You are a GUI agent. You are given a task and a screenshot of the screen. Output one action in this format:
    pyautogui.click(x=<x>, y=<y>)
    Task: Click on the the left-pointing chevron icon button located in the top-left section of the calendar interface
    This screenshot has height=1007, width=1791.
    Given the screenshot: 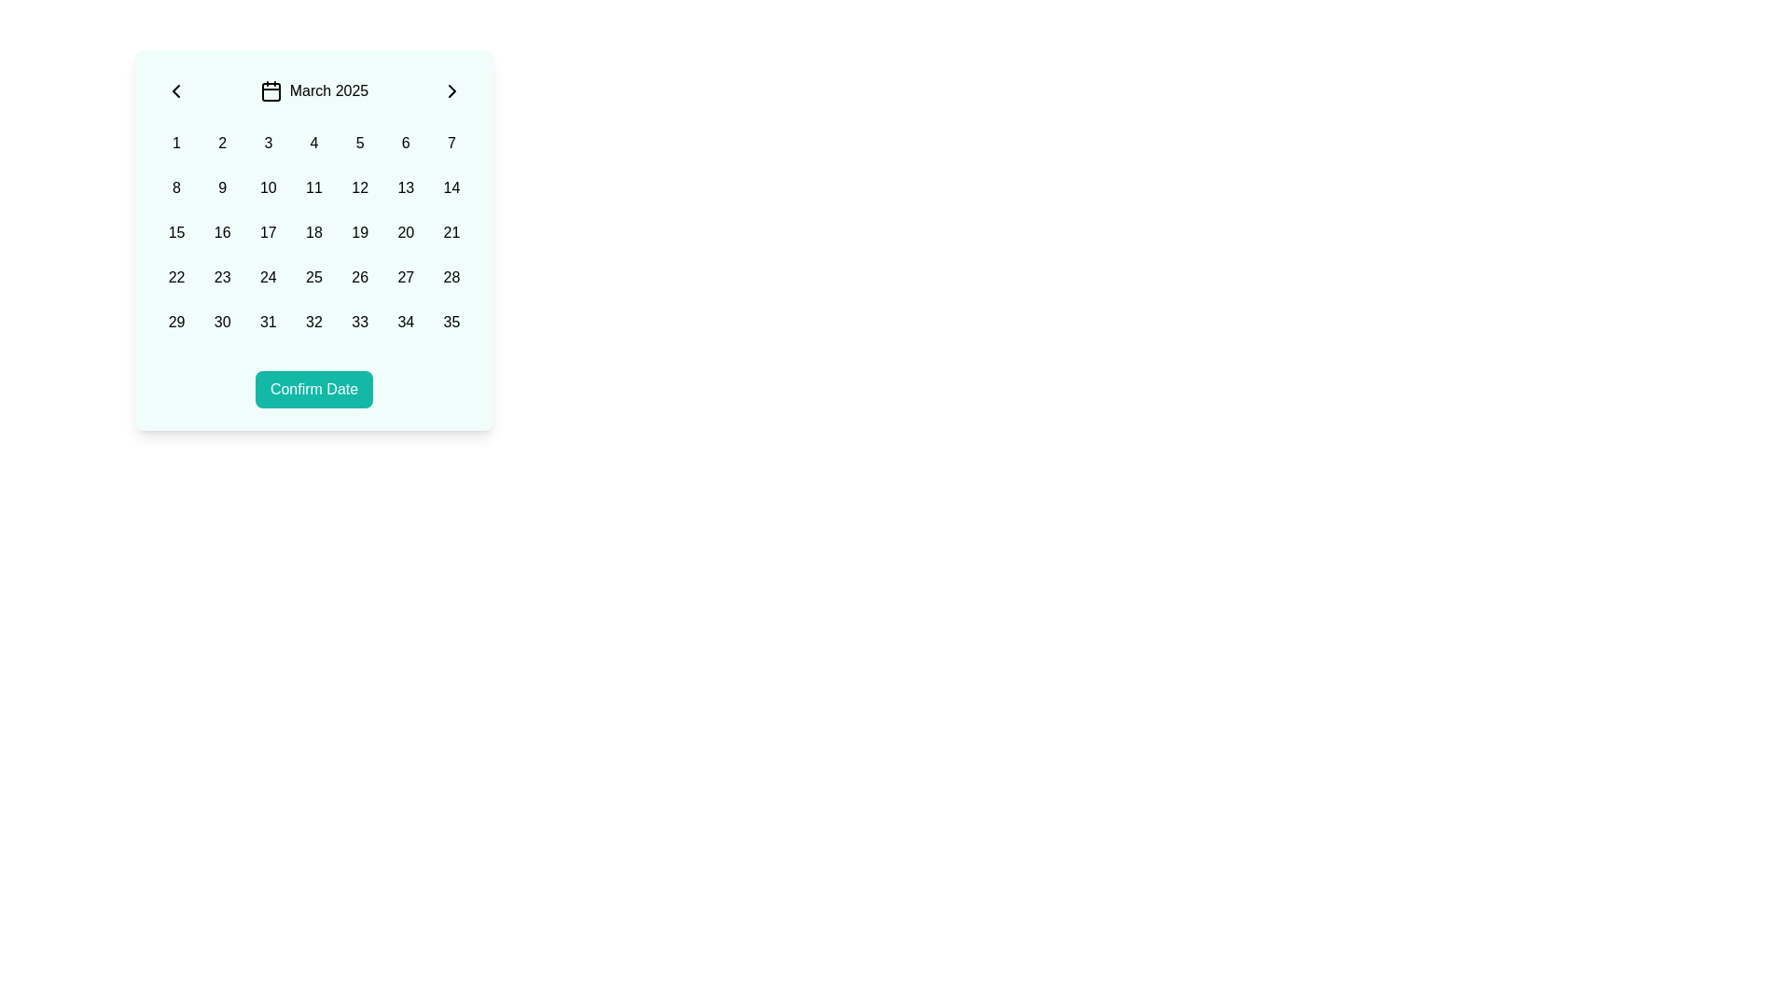 What is the action you would take?
    pyautogui.click(x=175, y=90)
    